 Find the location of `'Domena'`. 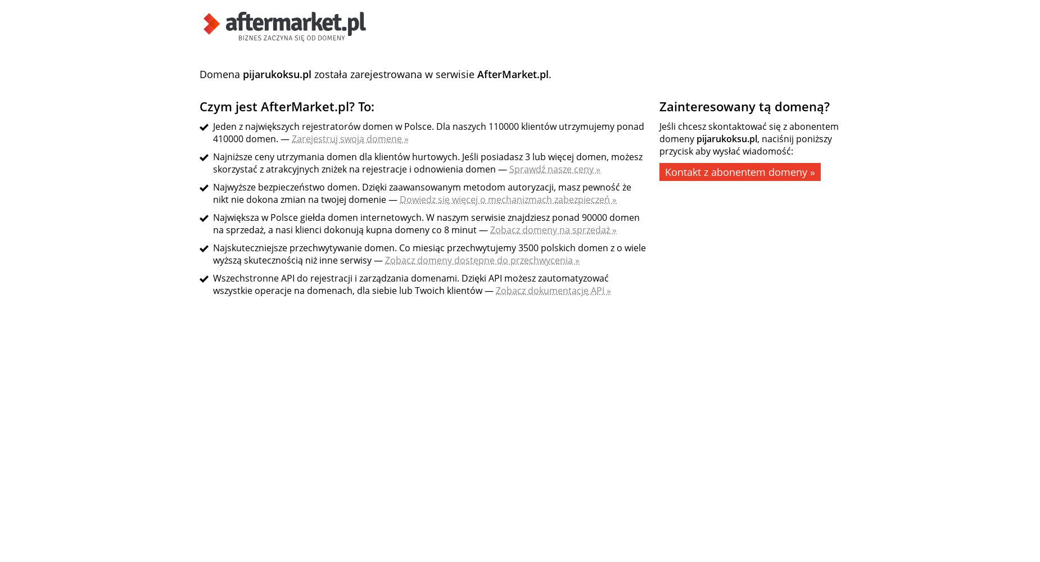

'Domena' is located at coordinates (220, 74).